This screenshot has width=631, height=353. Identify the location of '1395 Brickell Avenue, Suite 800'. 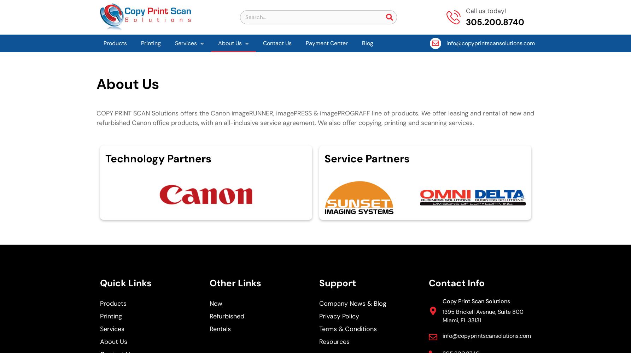
(442, 312).